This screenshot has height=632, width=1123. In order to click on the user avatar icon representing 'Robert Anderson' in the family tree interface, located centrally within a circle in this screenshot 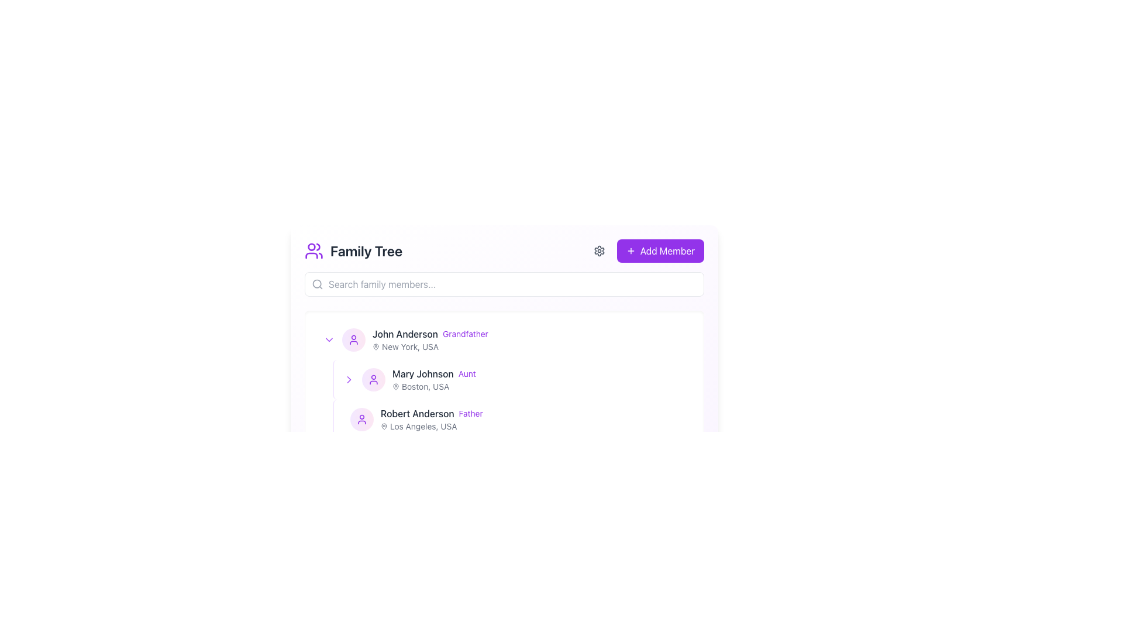, I will do `click(361, 419)`.